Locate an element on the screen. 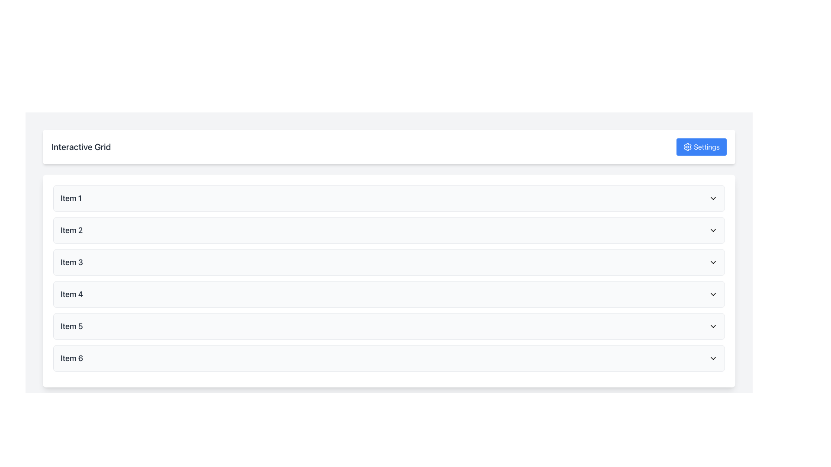 This screenshot has height=467, width=831. to select the list item labeled 'Item 5', which is positioned in a vertical list with a dropdown toggle is located at coordinates (388, 326).